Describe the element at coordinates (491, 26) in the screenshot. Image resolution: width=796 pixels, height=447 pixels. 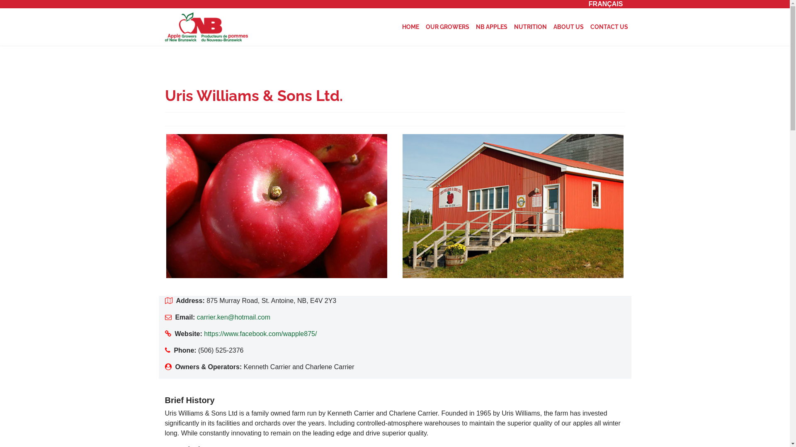
I see `'NB APPLES'` at that location.